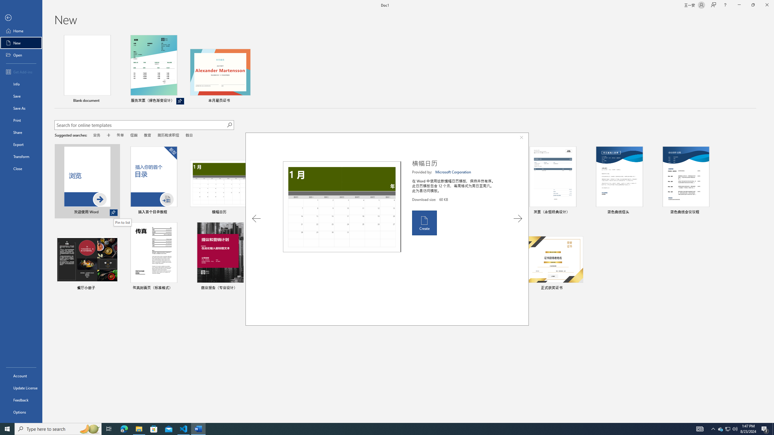 This screenshot has height=435, width=774. What do you see at coordinates (21, 156) in the screenshot?
I see `'Transform'` at bounding box center [21, 156].